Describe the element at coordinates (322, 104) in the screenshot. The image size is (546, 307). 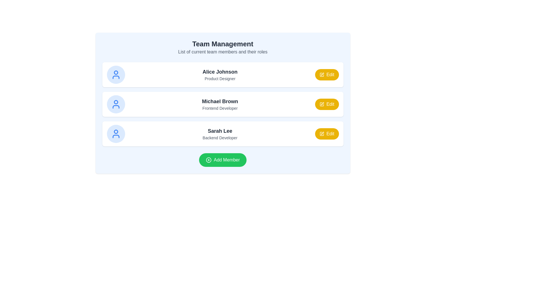
I see `the editing icon located within the 'Edit' button of the second list entry for 'Michael Brown - Frontend Developer'` at that location.